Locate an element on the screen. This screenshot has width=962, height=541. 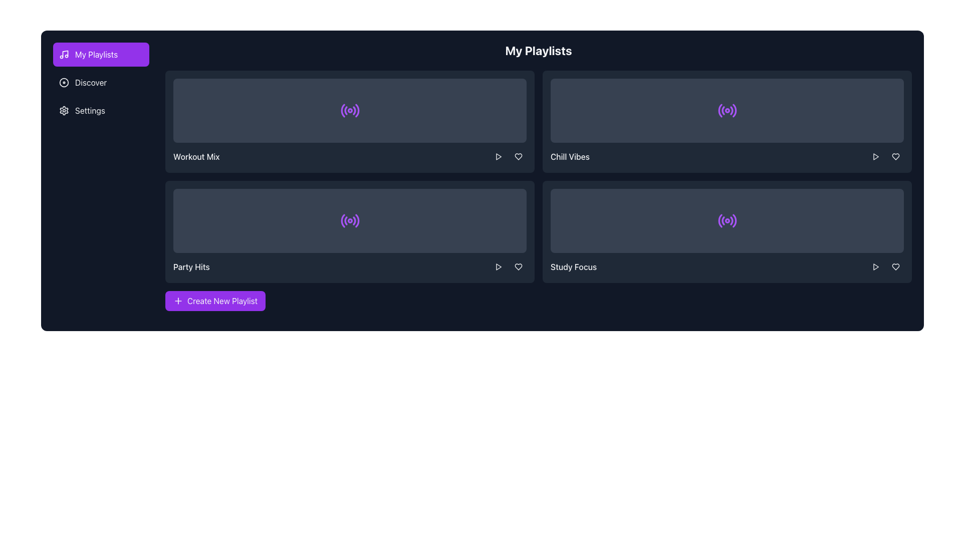
the larger Circular SVG graphic adjacent to the 'Discover' option in the navigation sidebar is located at coordinates (64, 82).